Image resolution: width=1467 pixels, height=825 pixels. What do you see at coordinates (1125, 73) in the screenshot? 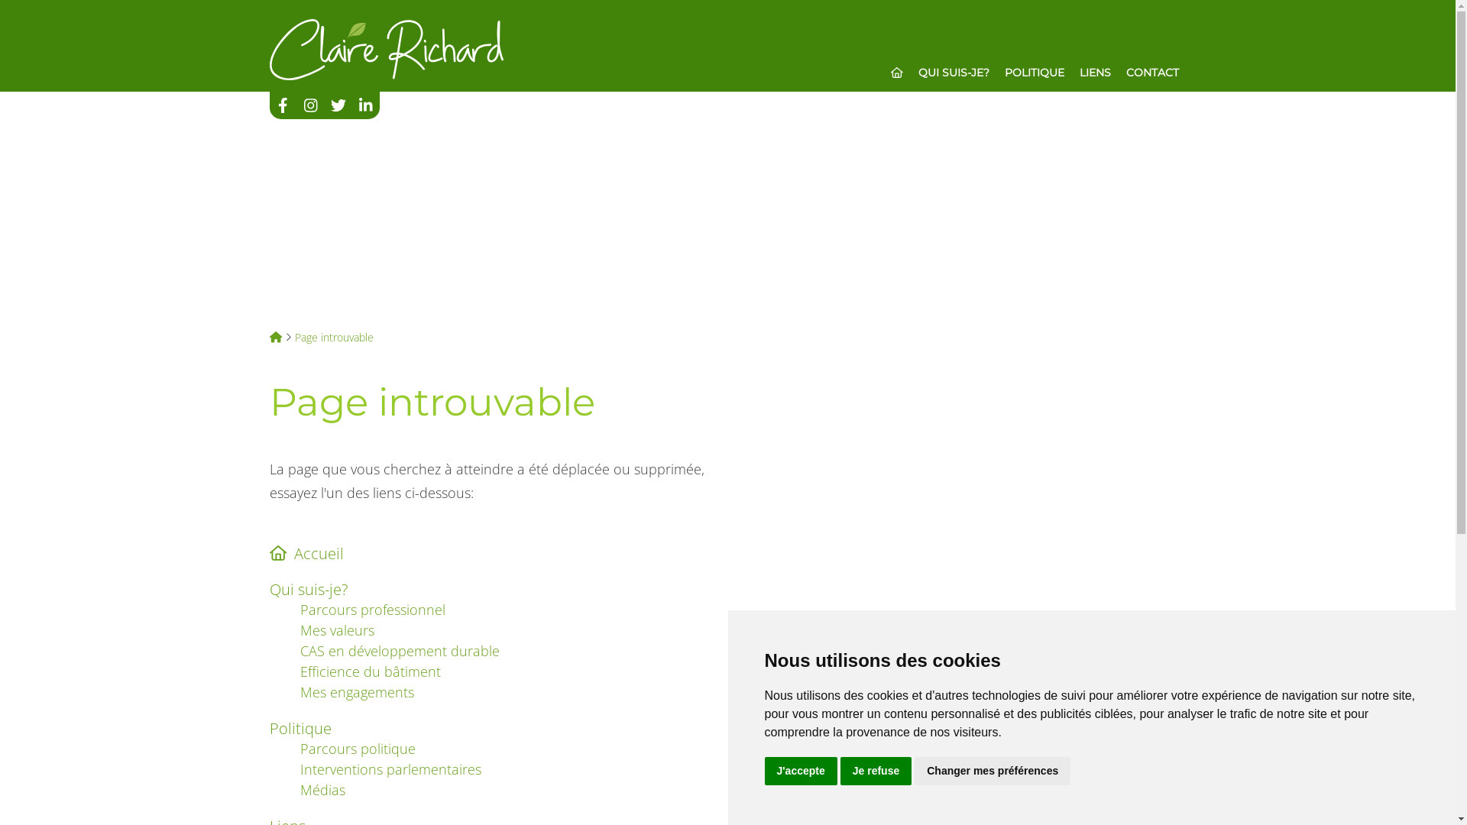
I see `'CONTACT'` at bounding box center [1125, 73].